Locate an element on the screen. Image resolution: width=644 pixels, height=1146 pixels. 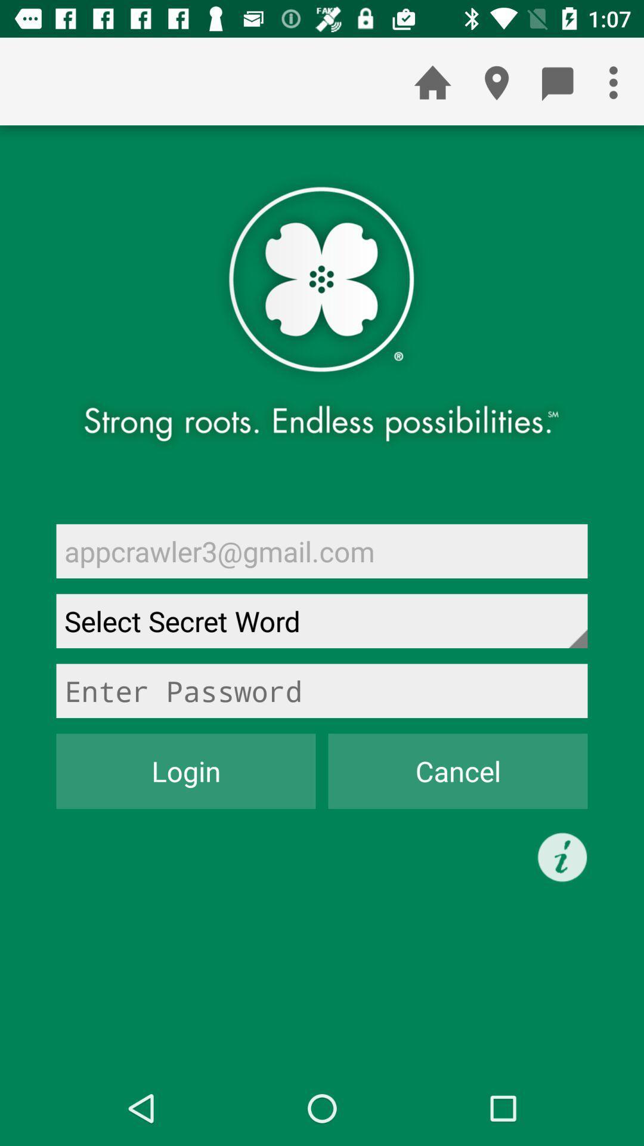
password box is located at coordinates (322, 691).